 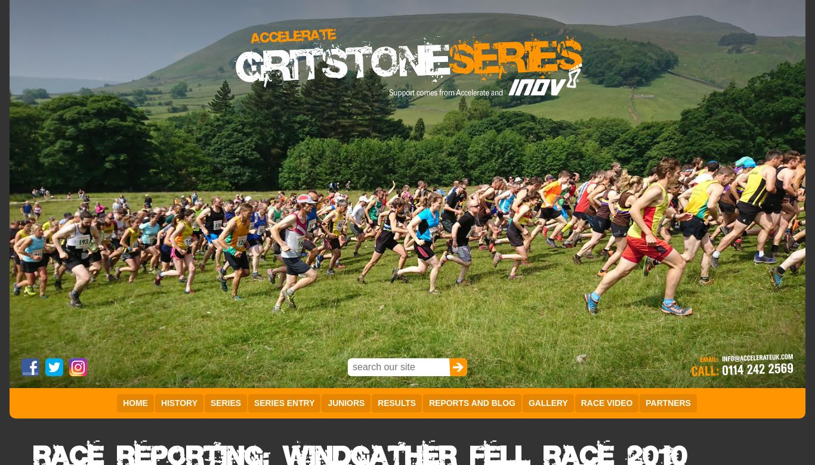 I want to click on 'Series Entry', so click(x=284, y=402).